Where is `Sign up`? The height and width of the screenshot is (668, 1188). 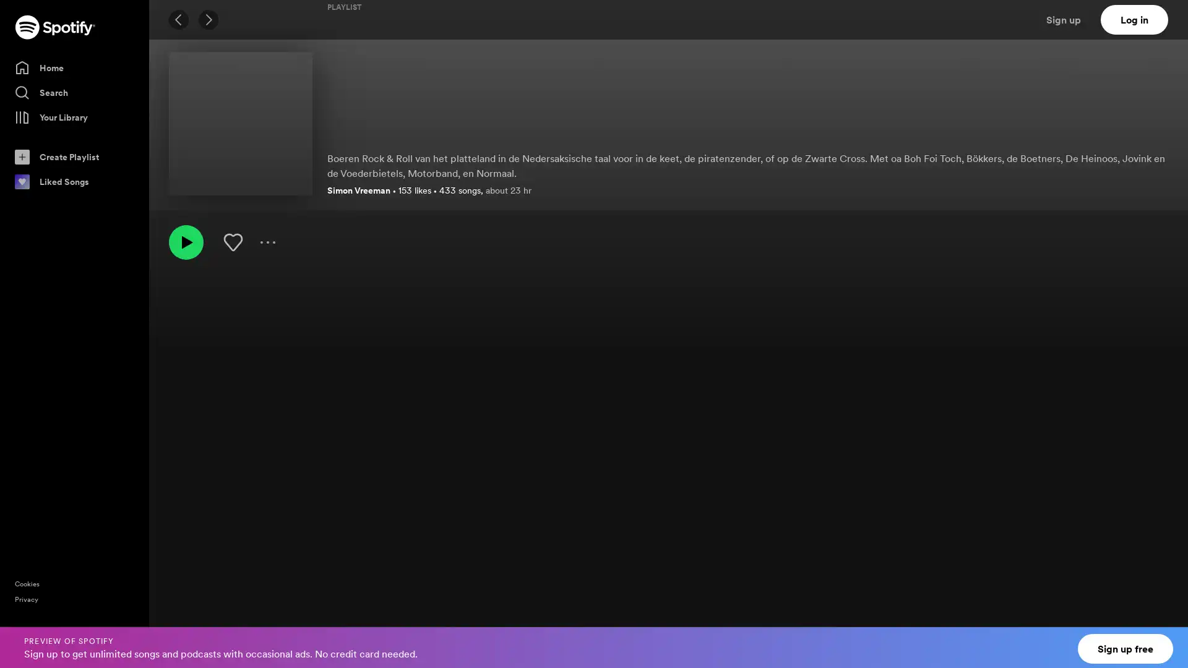
Sign up is located at coordinates (1070, 19).